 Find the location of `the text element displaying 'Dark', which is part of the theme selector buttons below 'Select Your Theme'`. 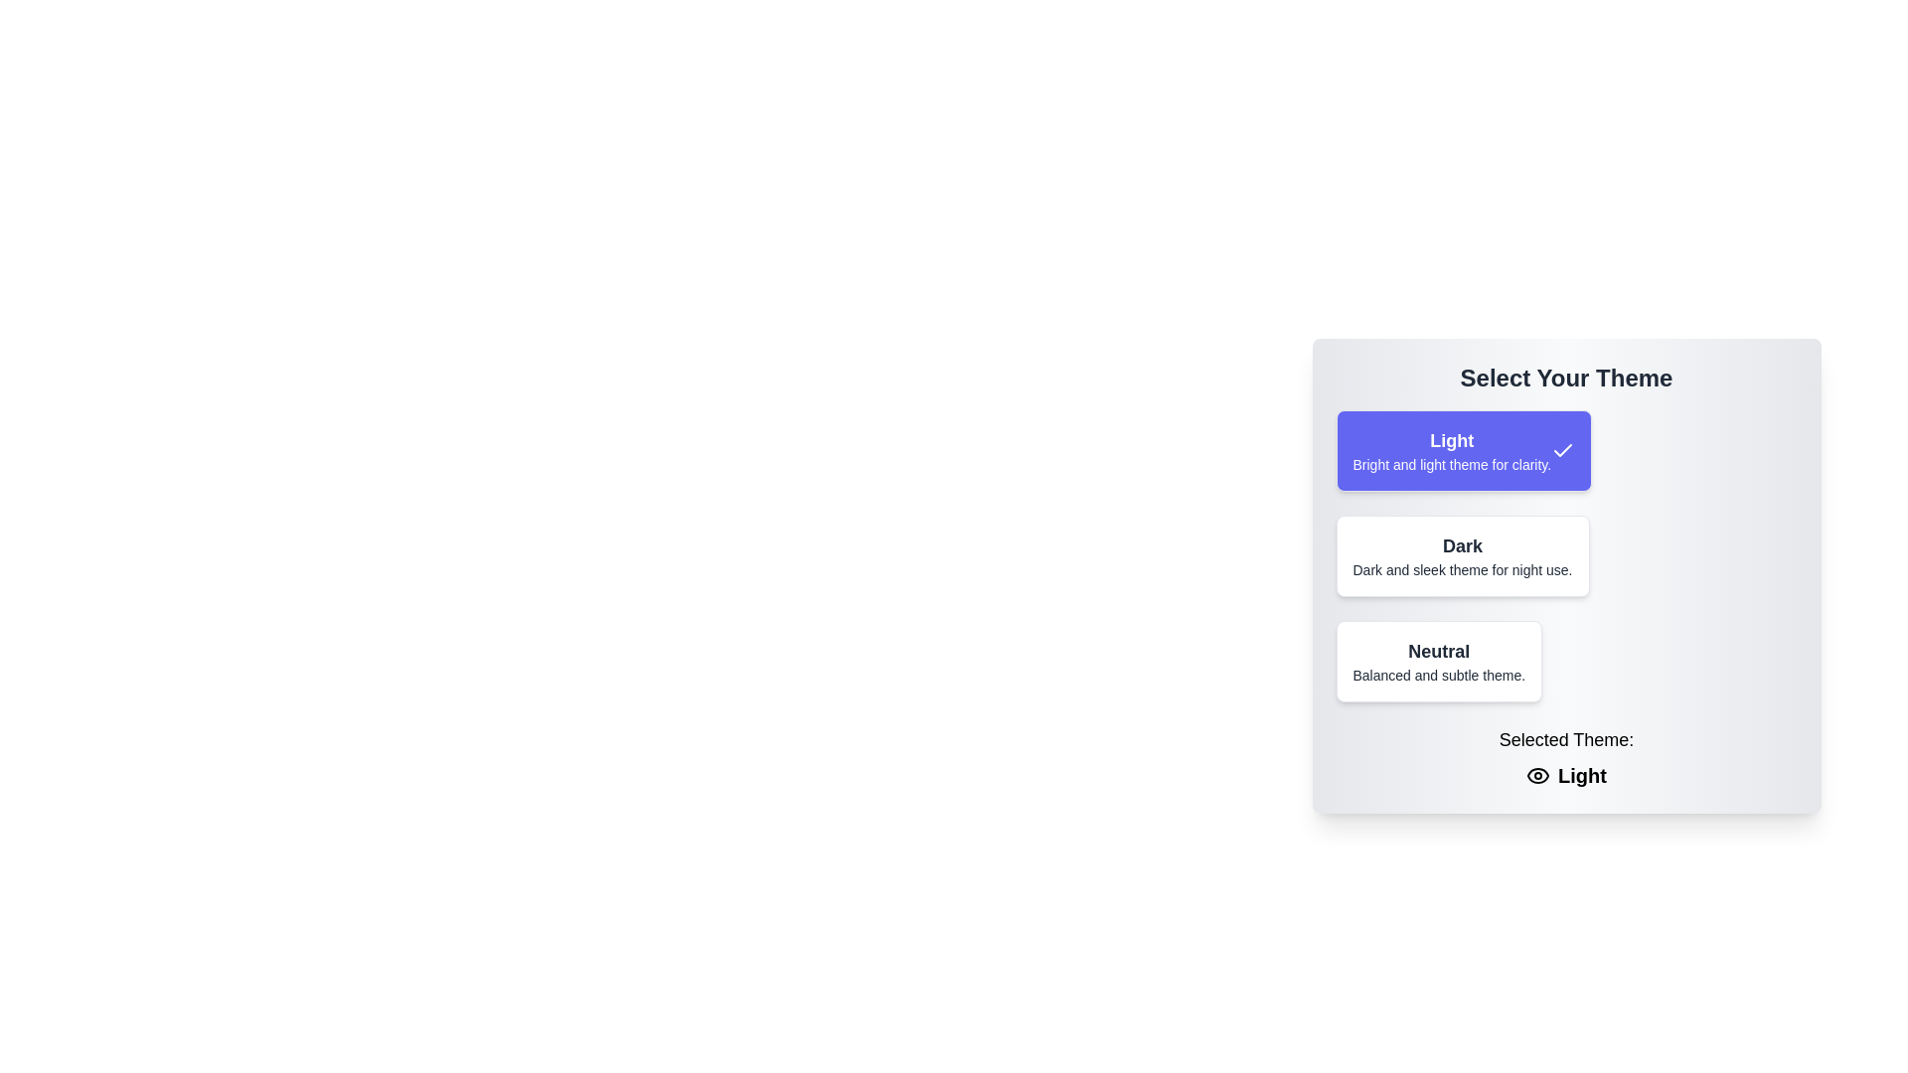

the text element displaying 'Dark', which is part of the theme selector buttons below 'Select Your Theme' is located at coordinates (1463, 546).